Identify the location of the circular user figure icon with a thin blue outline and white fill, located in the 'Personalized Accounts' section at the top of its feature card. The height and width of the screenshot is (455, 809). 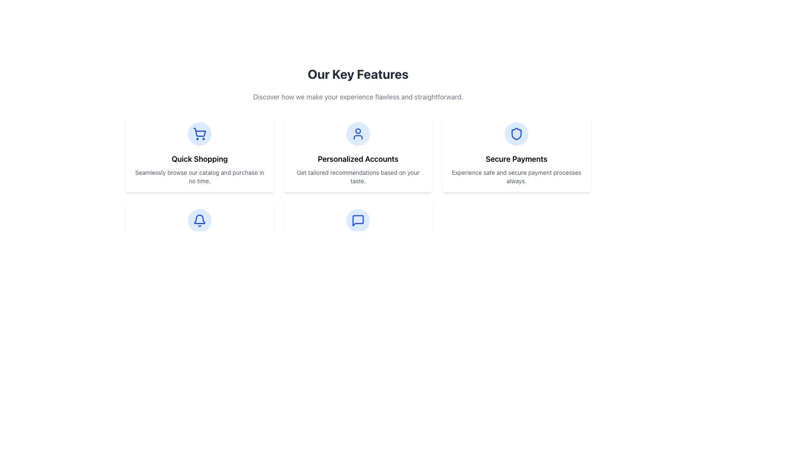
(358, 133).